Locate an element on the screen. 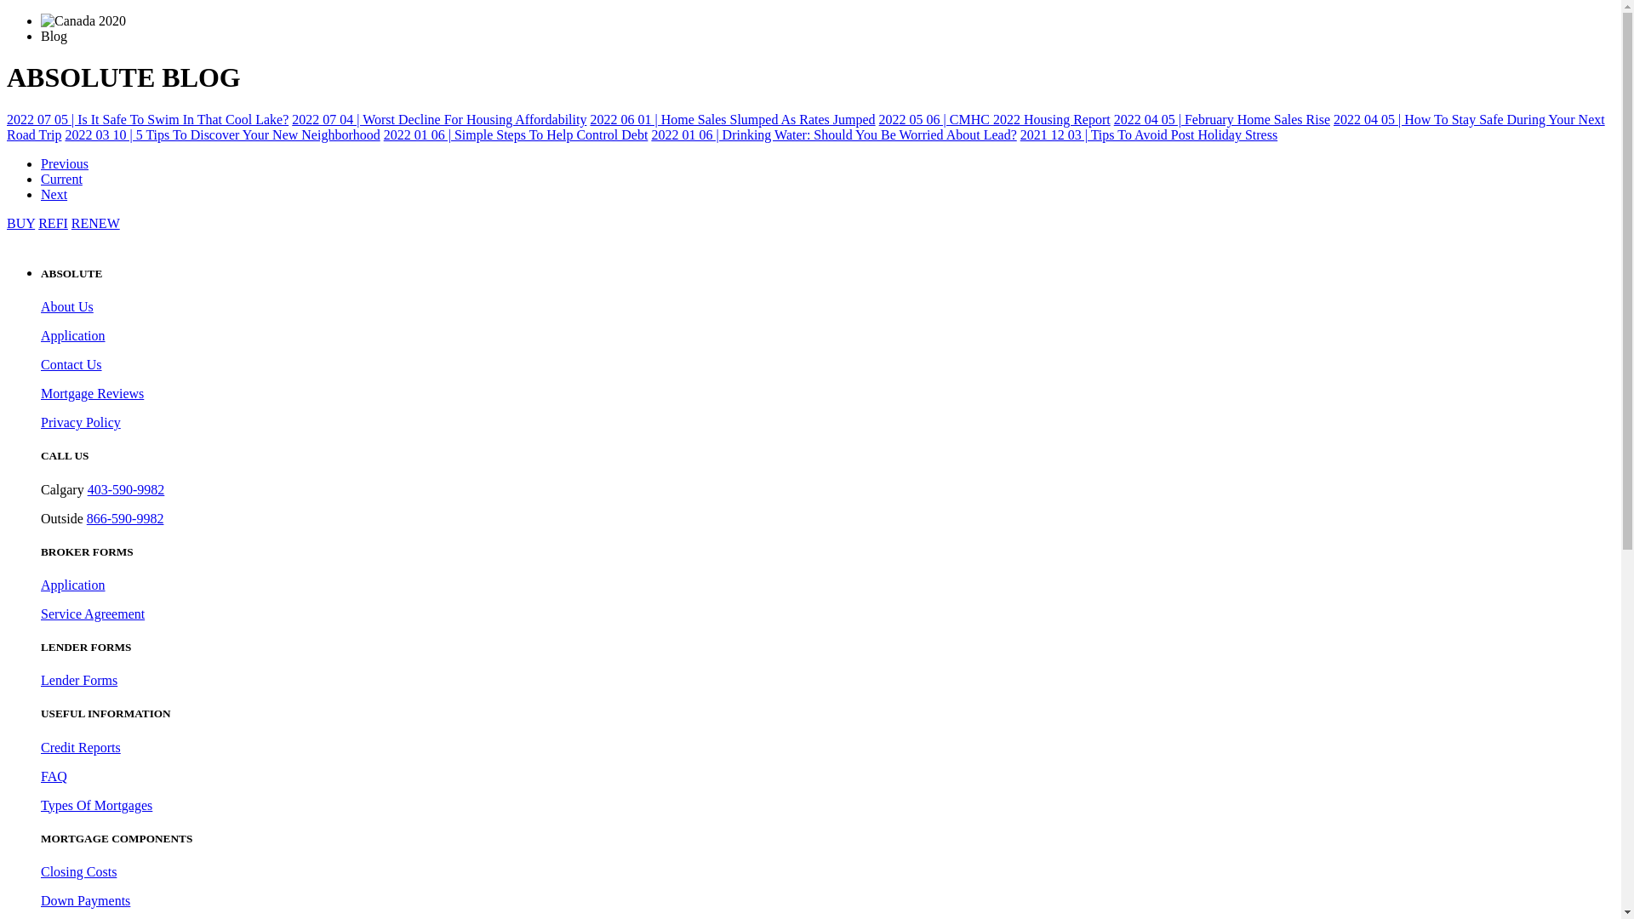 The image size is (1634, 919). 'BUY' is located at coordinates (20, 222).